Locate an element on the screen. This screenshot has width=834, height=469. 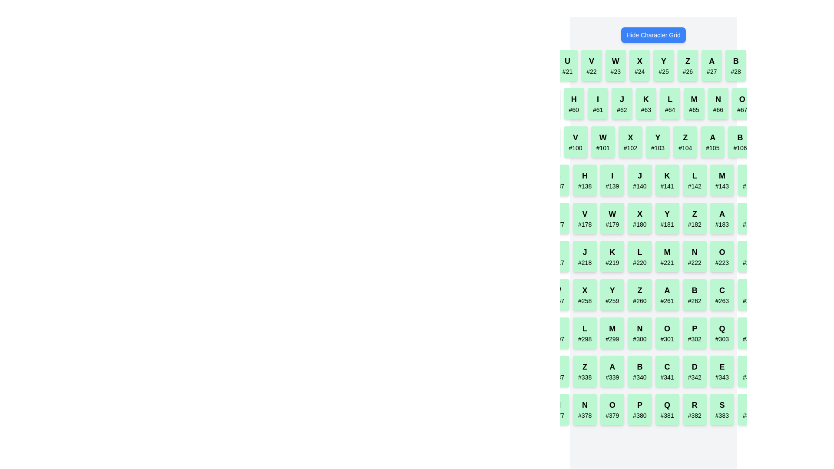
button labeled 'Hide Character Grid' to toggle the visibility of the character grid is located at coordinates (653, 35).